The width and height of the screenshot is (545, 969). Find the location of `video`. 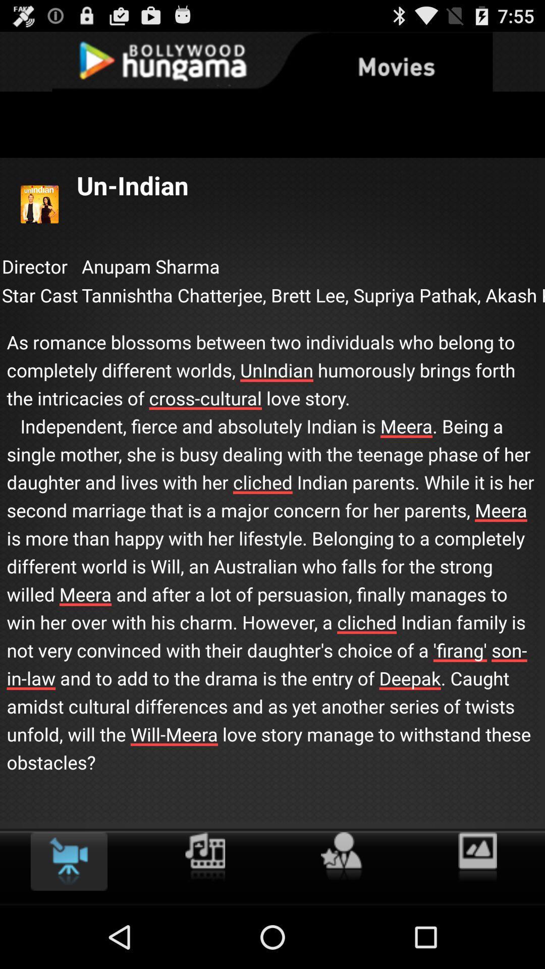

video is located at coordinates (68, 861).